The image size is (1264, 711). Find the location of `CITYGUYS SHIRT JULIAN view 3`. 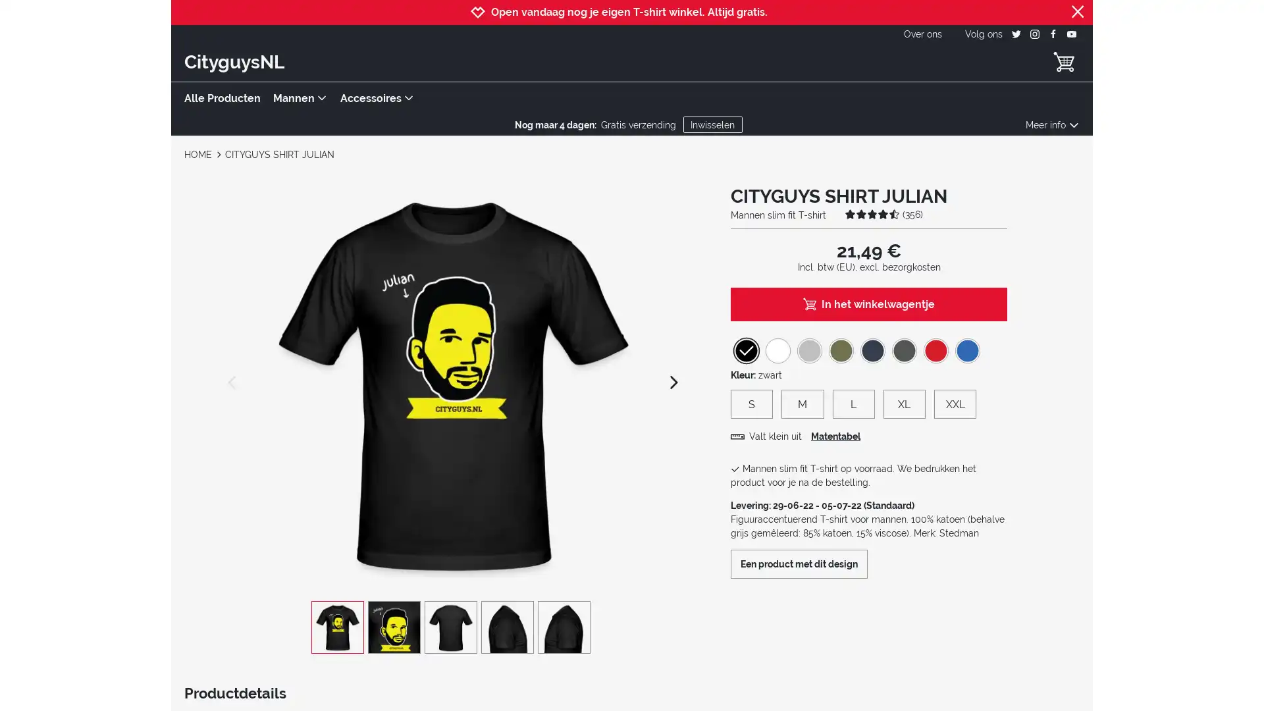

CITYGUYS SHIRT JULIAN view 3 is located at coordinates (451, 626).